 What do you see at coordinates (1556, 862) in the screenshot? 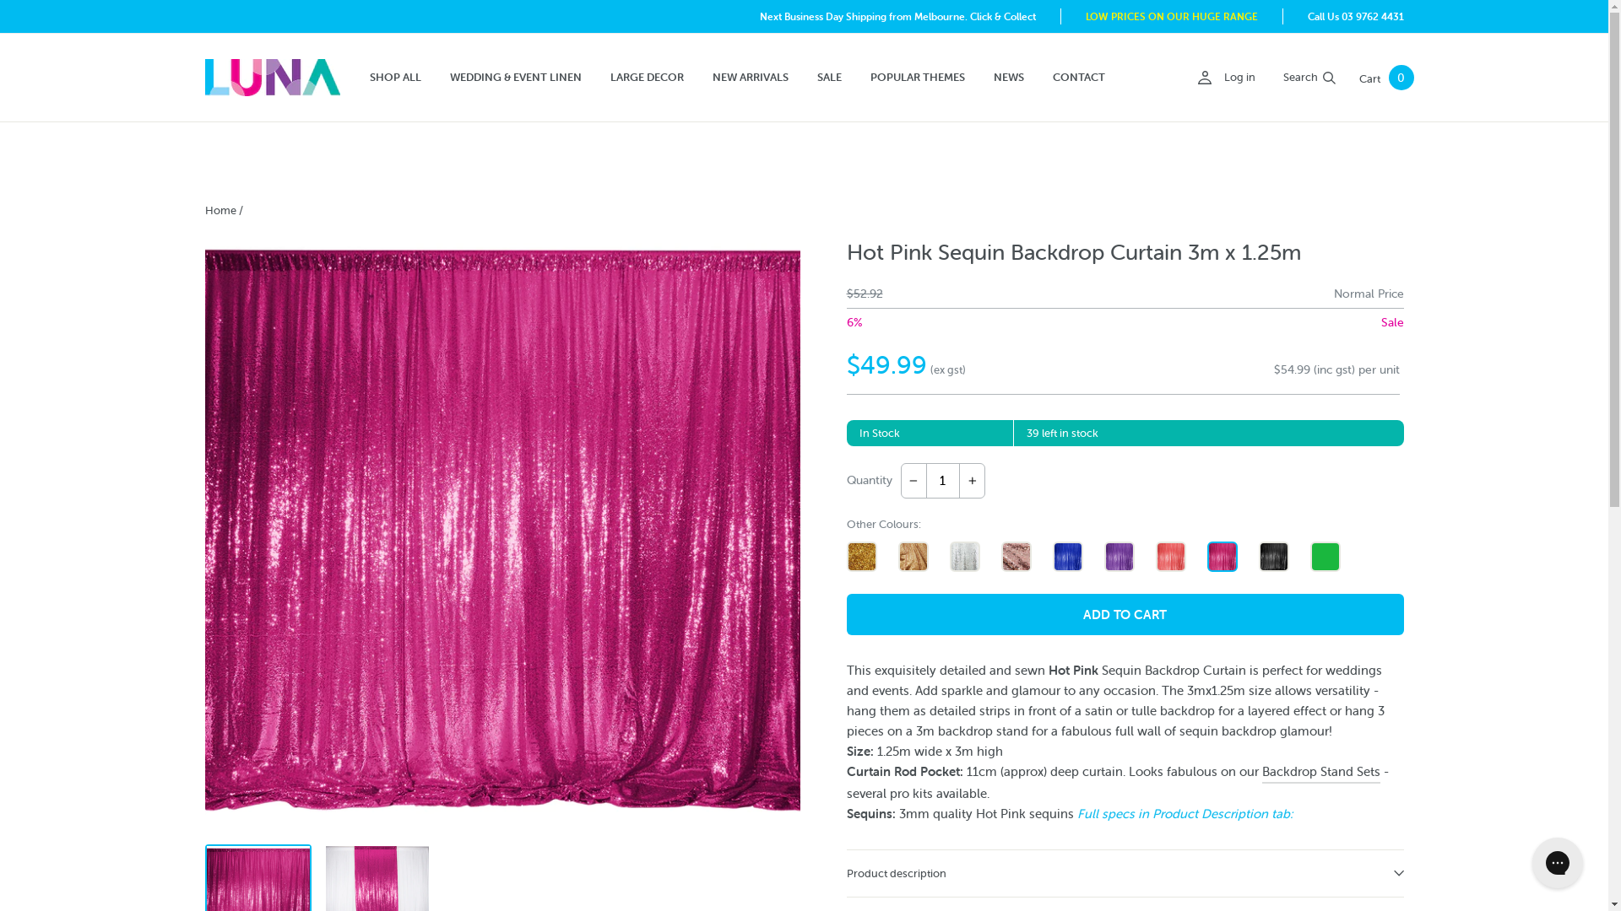
I see `'Gorgias live chat messenger'` at bounding box center [1556, 862].